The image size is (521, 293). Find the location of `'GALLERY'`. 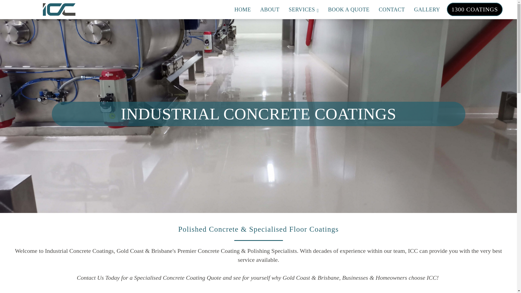

'GALLERY' is located at coordinates (427, 9).